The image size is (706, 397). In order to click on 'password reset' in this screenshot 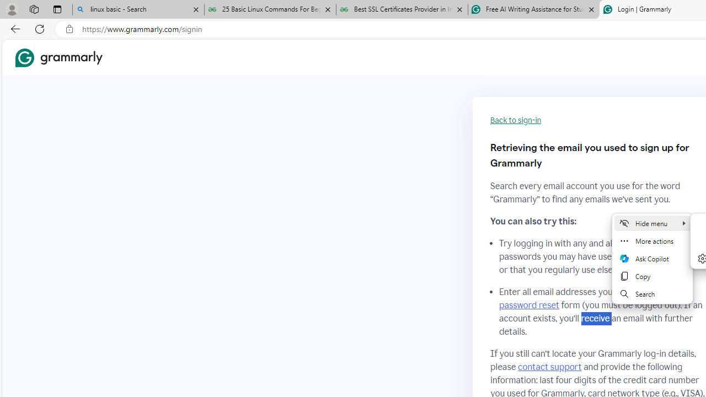, I will do `click(528, 305)`.